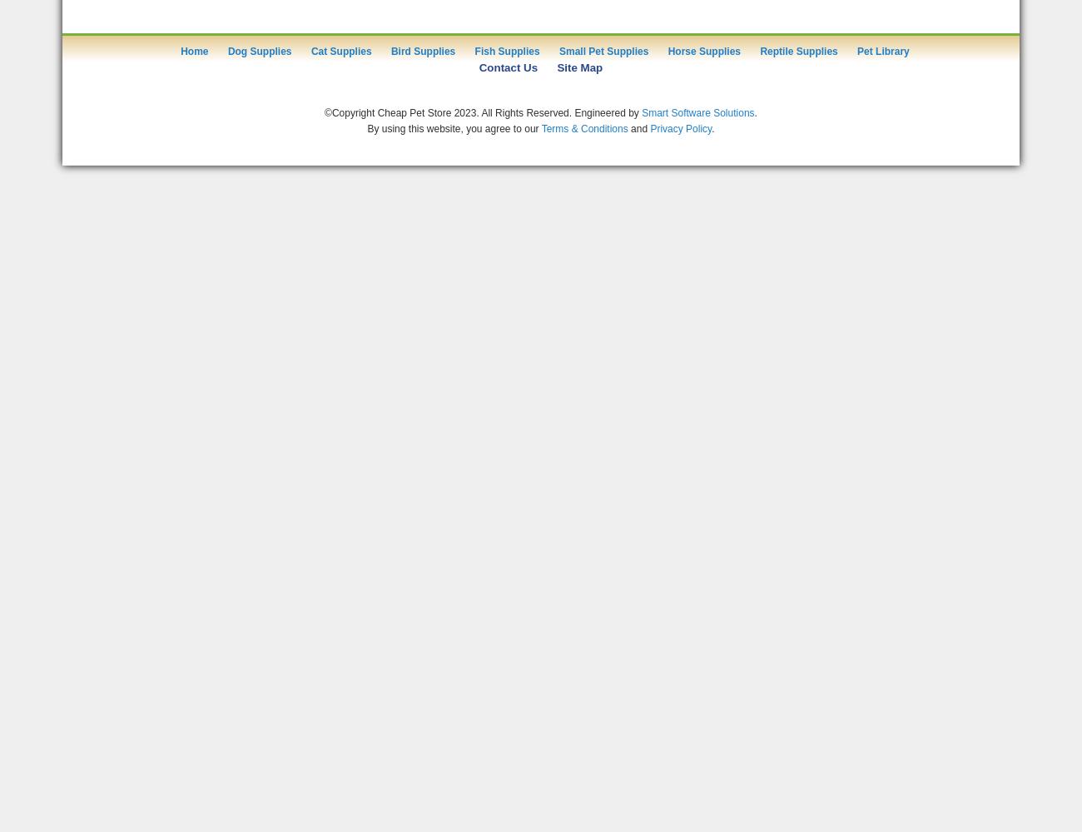  I want to click on 'Home', so click(193, 52).